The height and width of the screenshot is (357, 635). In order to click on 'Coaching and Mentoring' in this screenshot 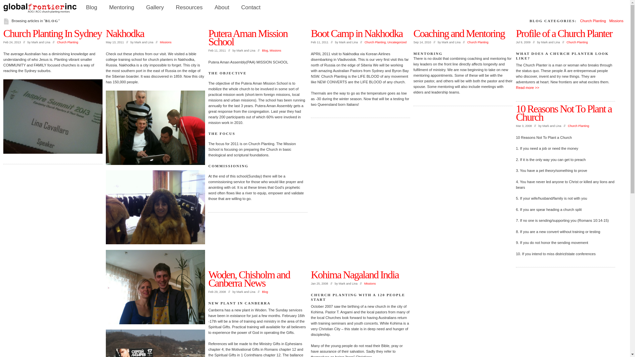, I will do `click(458, 33)`.